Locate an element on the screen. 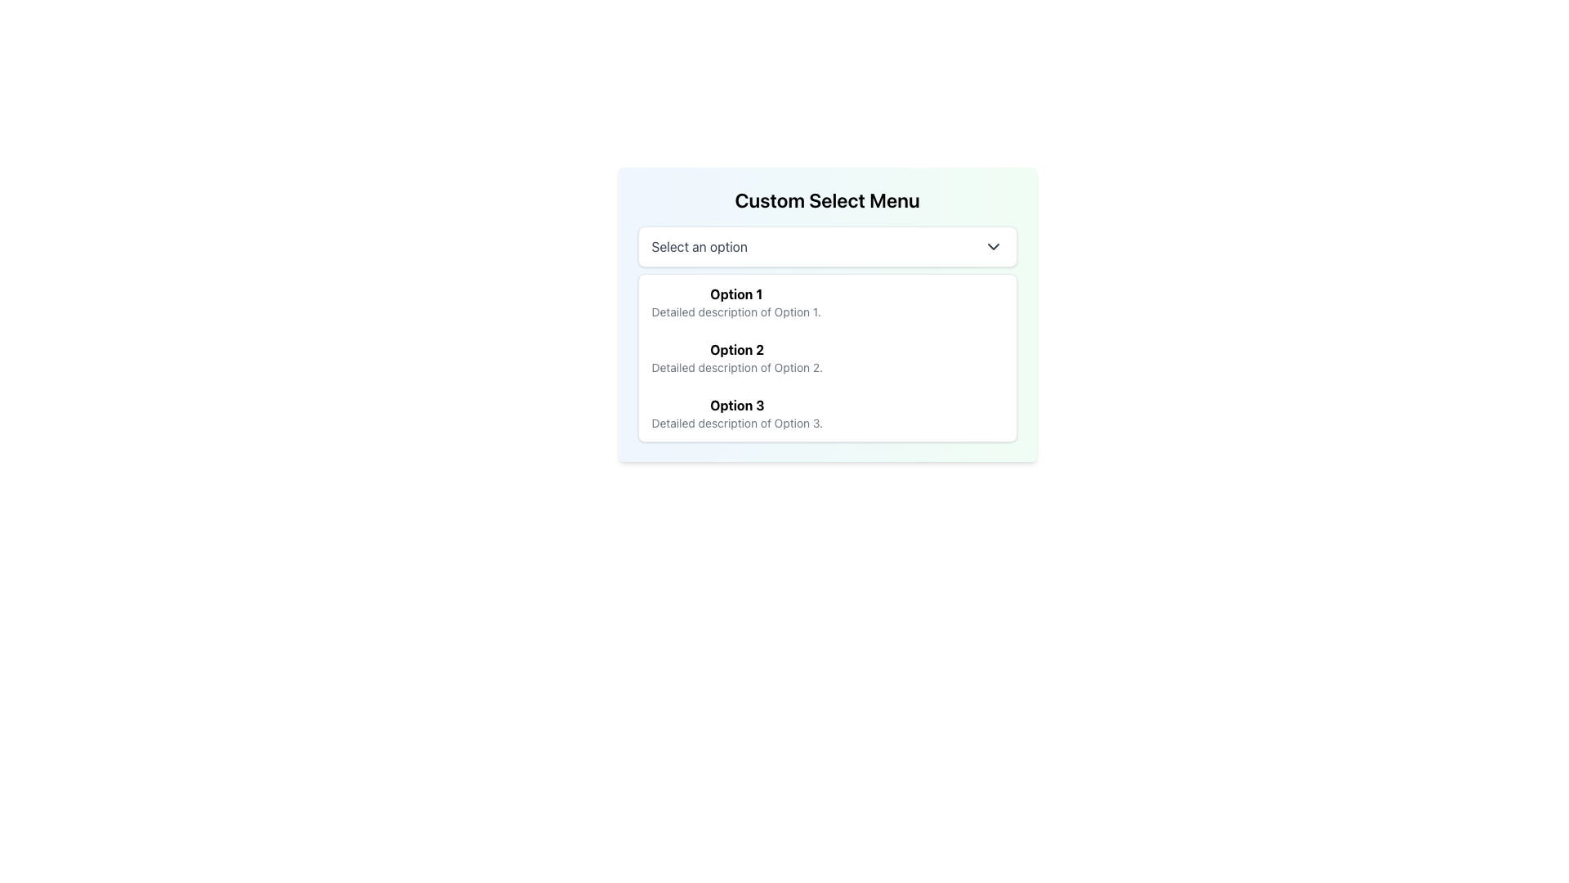 The image size is (1569, 883). 'Option 3' in the dropdown menu is located at coordinates (827, 412).